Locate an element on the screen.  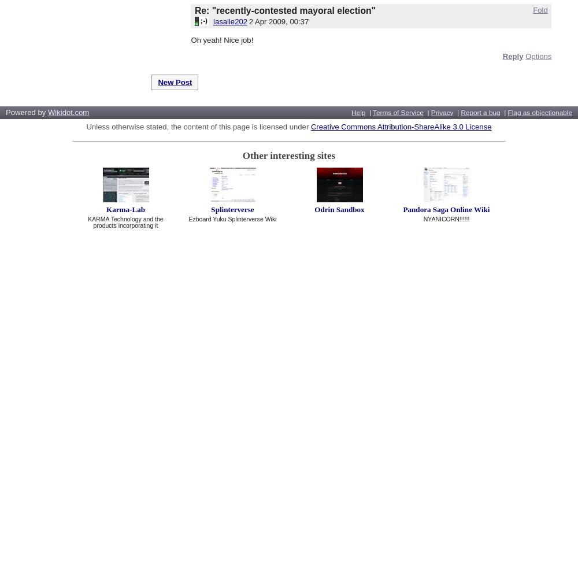
'Re: "recently-contested mayoral election"' is located at coordinates (284, 10).